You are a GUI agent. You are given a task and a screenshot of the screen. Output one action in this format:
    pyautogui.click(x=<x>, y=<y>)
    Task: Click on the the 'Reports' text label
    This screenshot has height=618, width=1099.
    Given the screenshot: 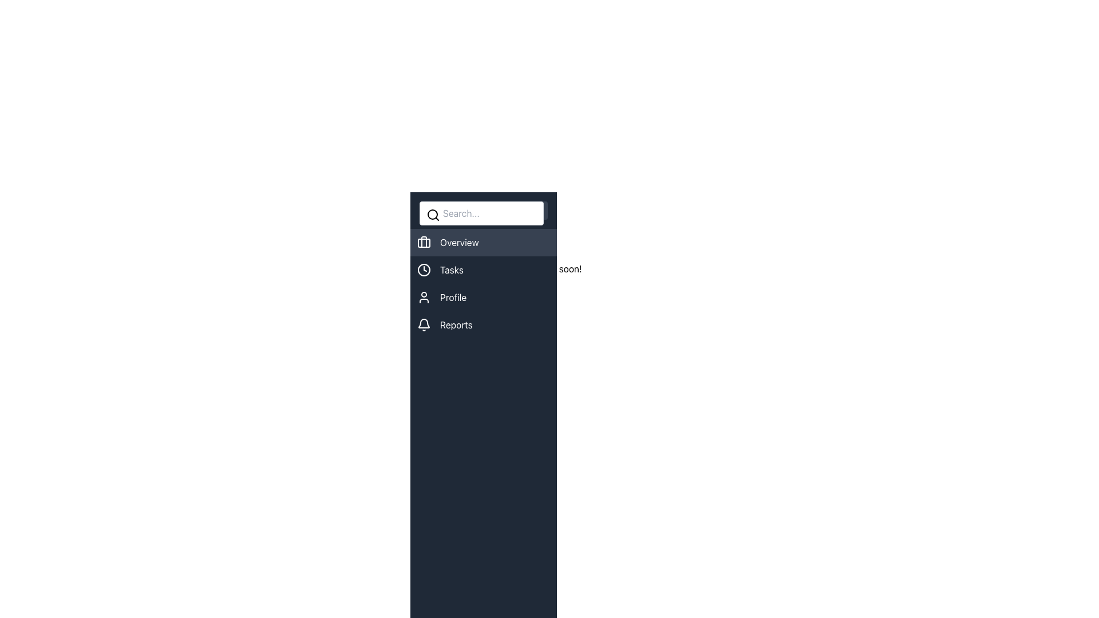 What is the action you would take?
    pyautogui.click(x=456, y=324)
    